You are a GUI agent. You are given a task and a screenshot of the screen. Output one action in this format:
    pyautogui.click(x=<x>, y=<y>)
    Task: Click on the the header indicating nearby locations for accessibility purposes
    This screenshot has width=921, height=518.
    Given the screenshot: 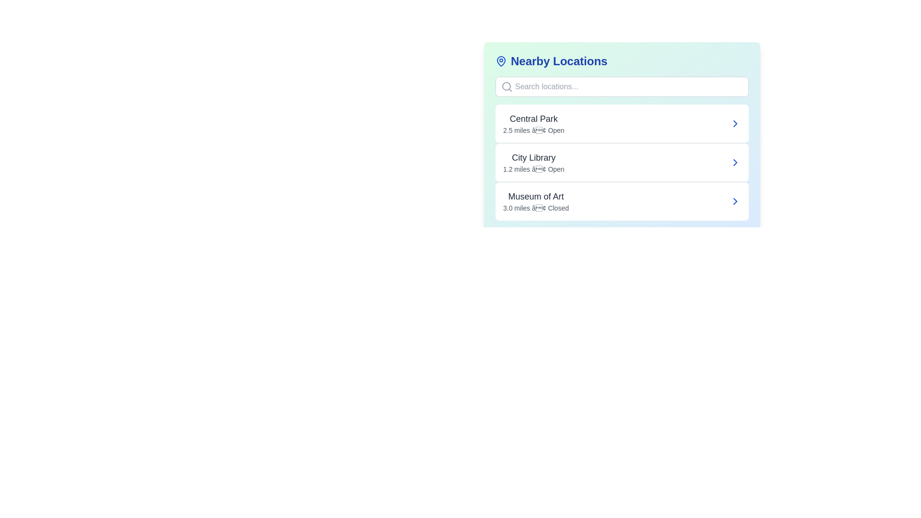 What is the action you would take?
    pyautogui.click(x=622, y=61)
    